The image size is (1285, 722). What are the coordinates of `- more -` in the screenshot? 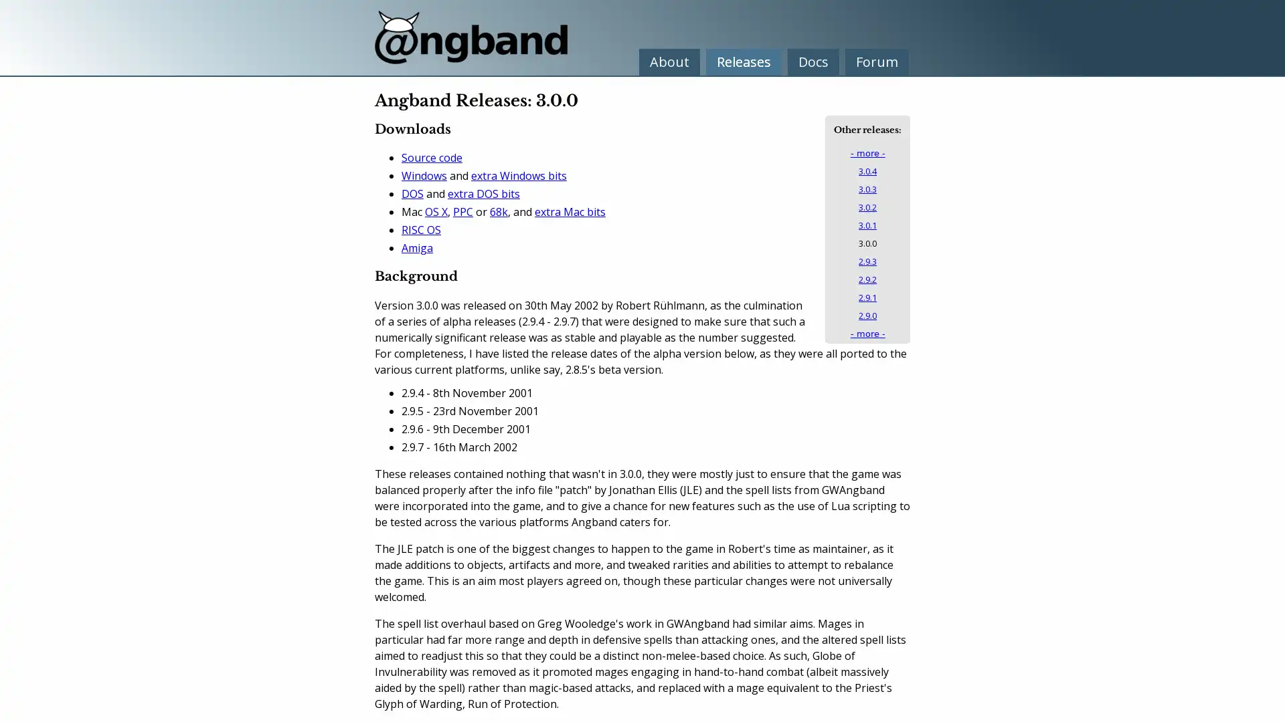 It's located at (867, 333).